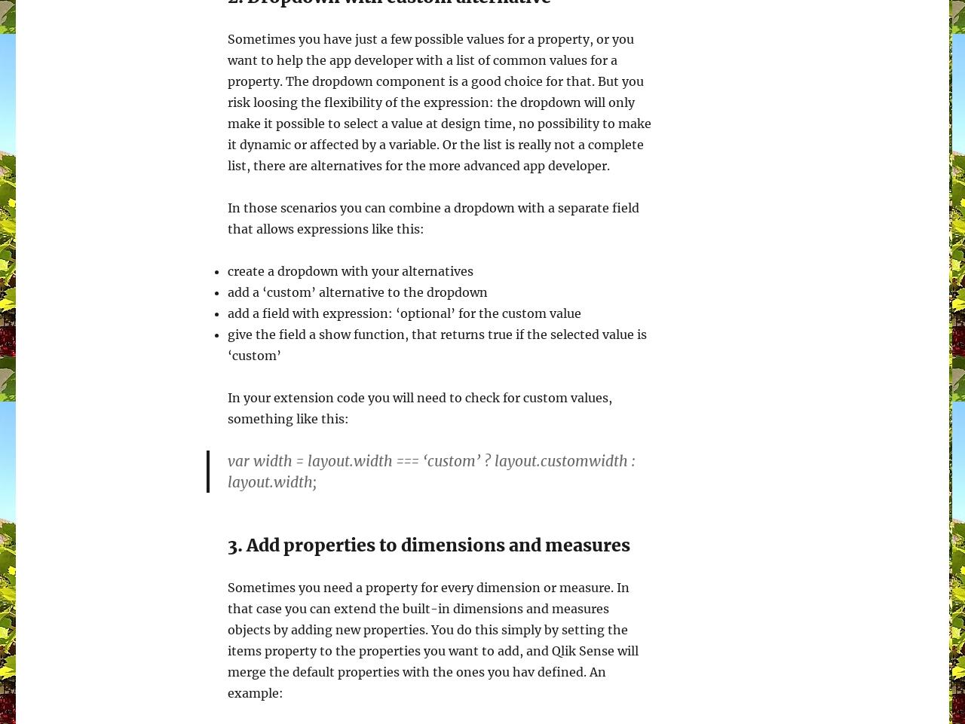 The image size is (965, 724). I want to click on 'add a field with expression: ‘optional’ for the custom value', so click(404, 313).